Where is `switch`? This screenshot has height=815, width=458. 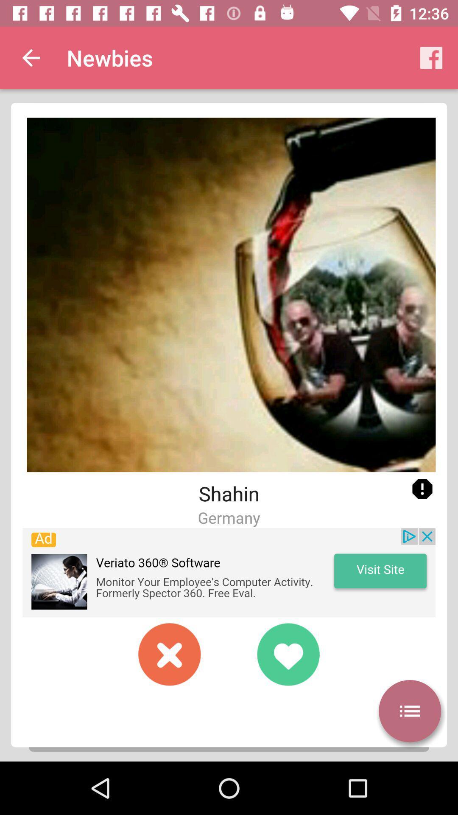
switch is located at coordinates (170, 654).